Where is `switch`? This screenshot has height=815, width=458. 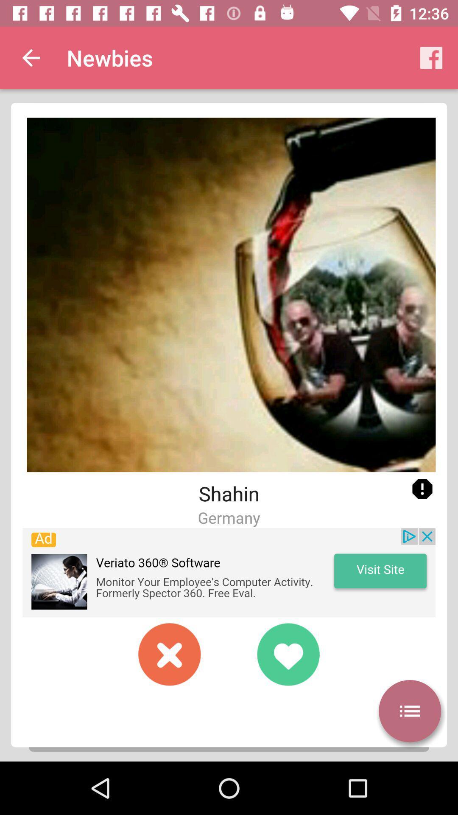
switch is located at coordinates (170, 654).